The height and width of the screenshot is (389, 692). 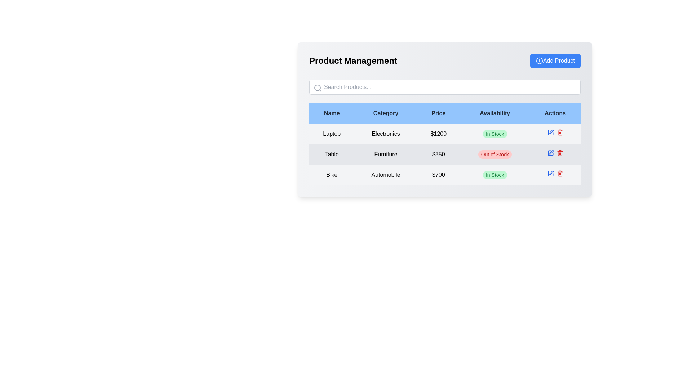 What do you see at coordinates (559, 153) in the screenshot?
I see `the trash icon in the 'Actions' column of the third row to trigger a delete action` at bounding box center [559, 153].